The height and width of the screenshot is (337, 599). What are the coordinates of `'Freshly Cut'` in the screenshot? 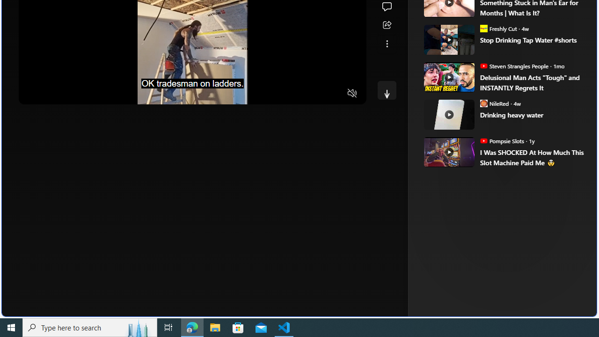 It's located at (483, 28).